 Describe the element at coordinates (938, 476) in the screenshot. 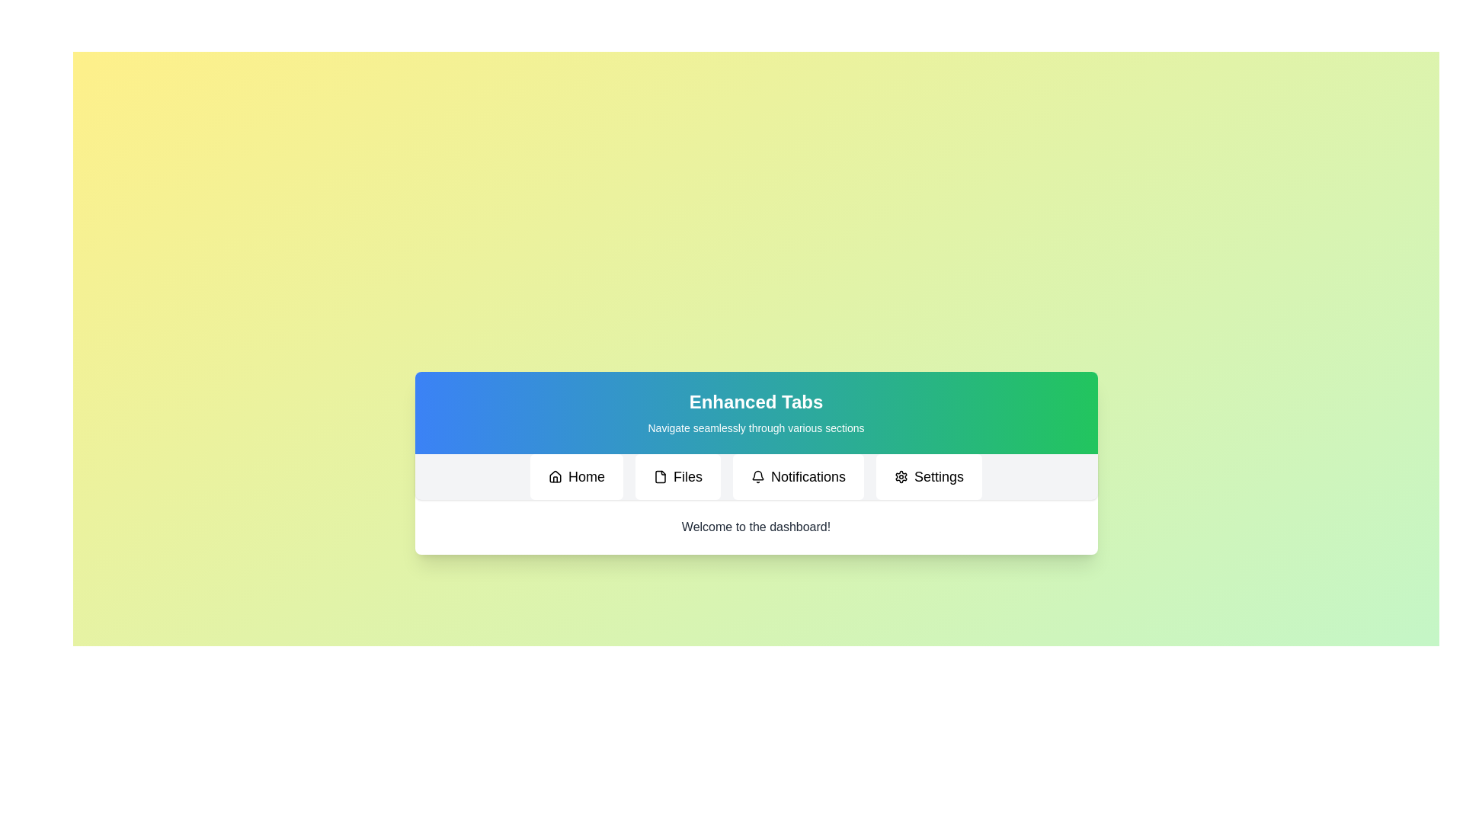

I see `the 'Settings' text label, which is displayed in bold black text and located at the far-right of the horizontal row of tabs below the 'Enhanced Tabs' header` at that location.